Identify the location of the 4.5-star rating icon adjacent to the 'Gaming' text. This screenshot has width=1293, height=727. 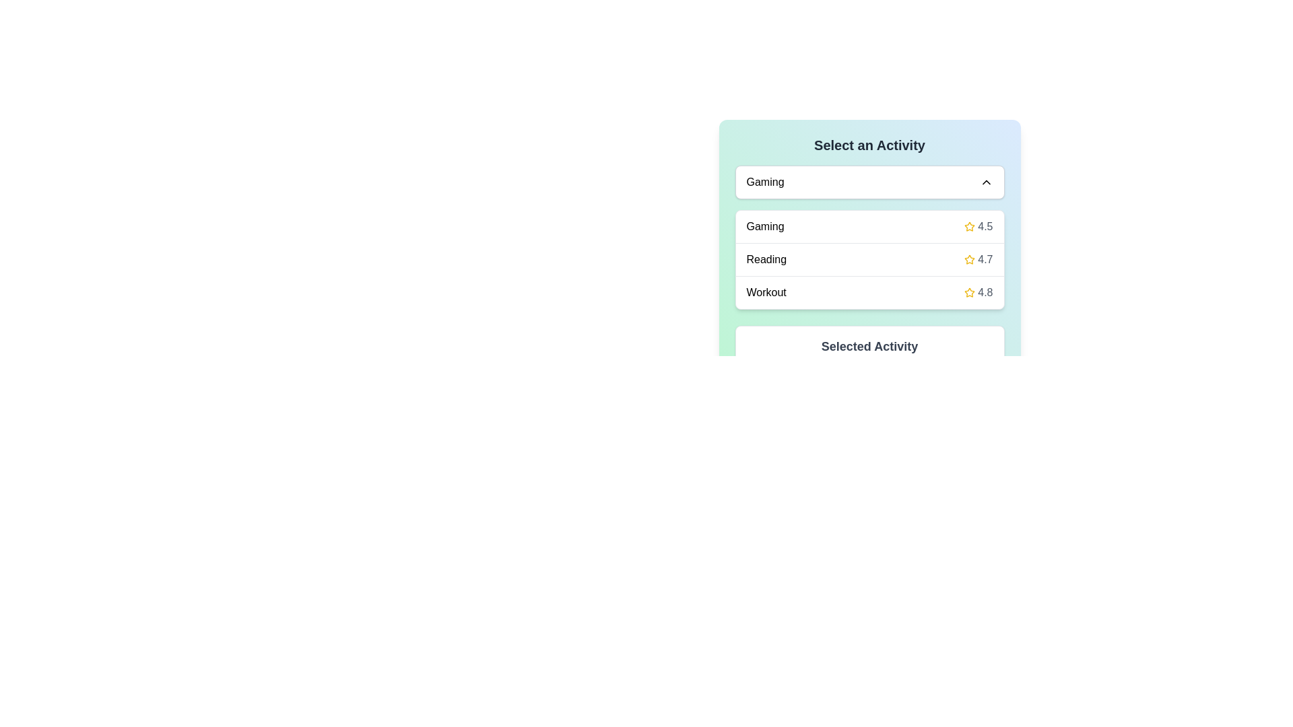
(970, 226).